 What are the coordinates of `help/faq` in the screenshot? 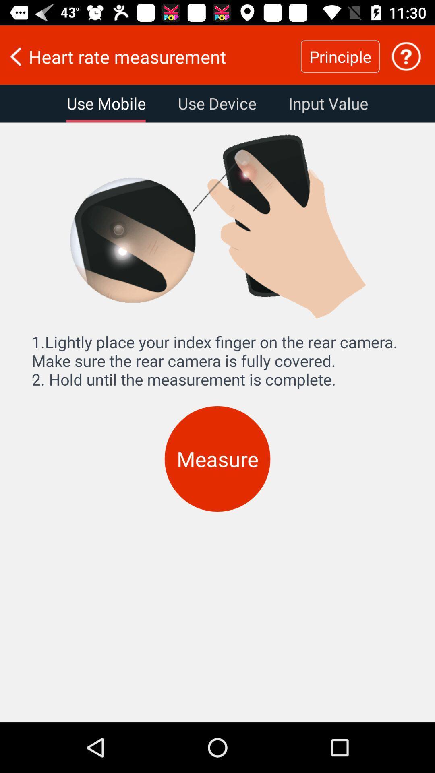 It's located at (406, 56).